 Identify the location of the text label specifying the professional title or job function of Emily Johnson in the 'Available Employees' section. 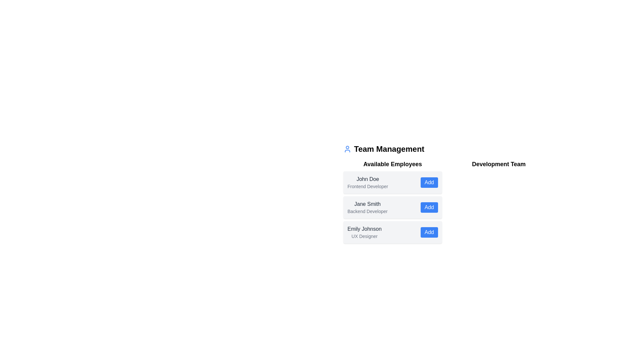
(364, 236).